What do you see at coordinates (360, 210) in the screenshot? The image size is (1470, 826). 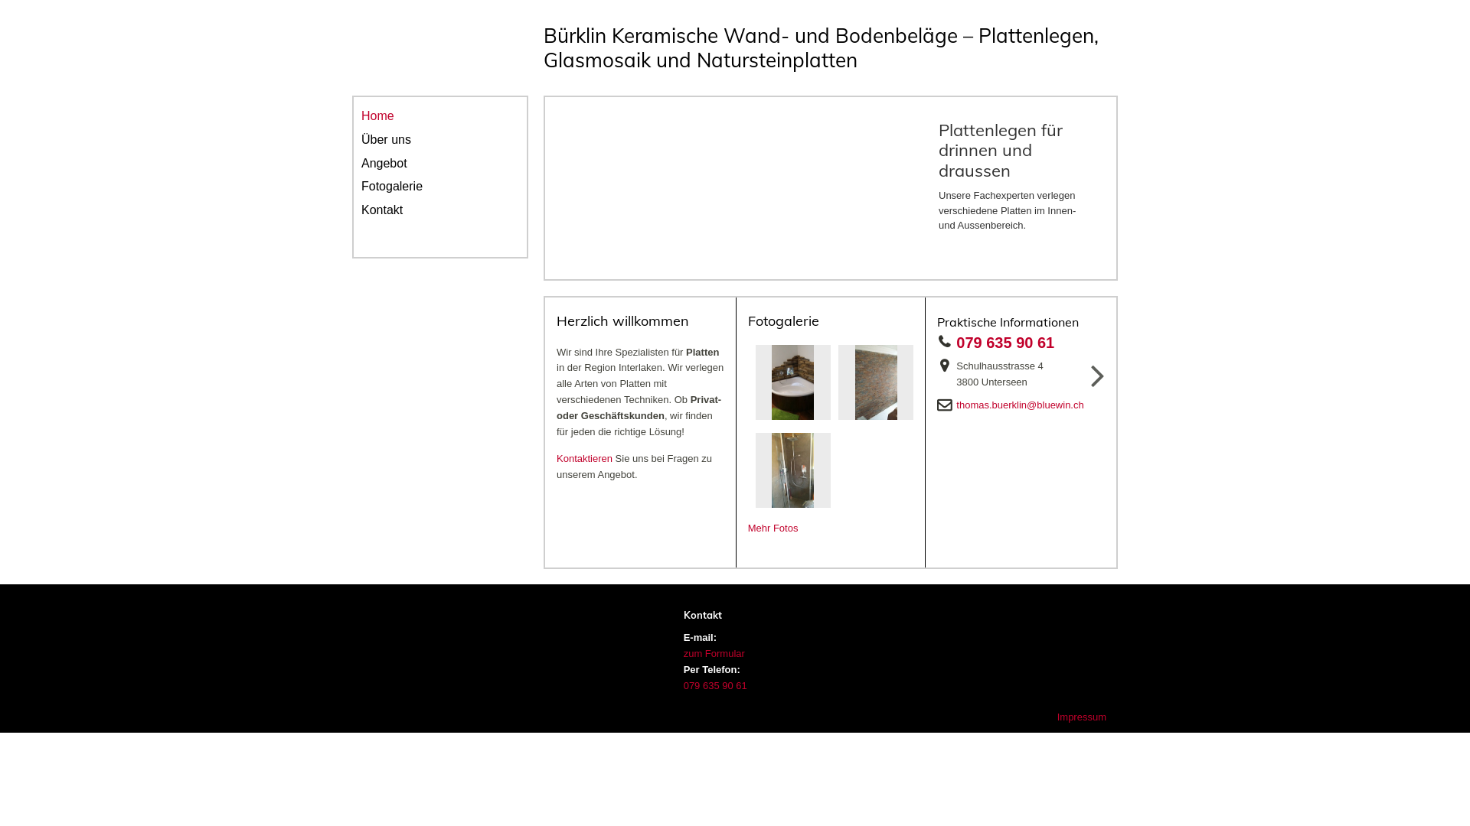 I see `'Kontakt'` at bounding box center [360, 210].